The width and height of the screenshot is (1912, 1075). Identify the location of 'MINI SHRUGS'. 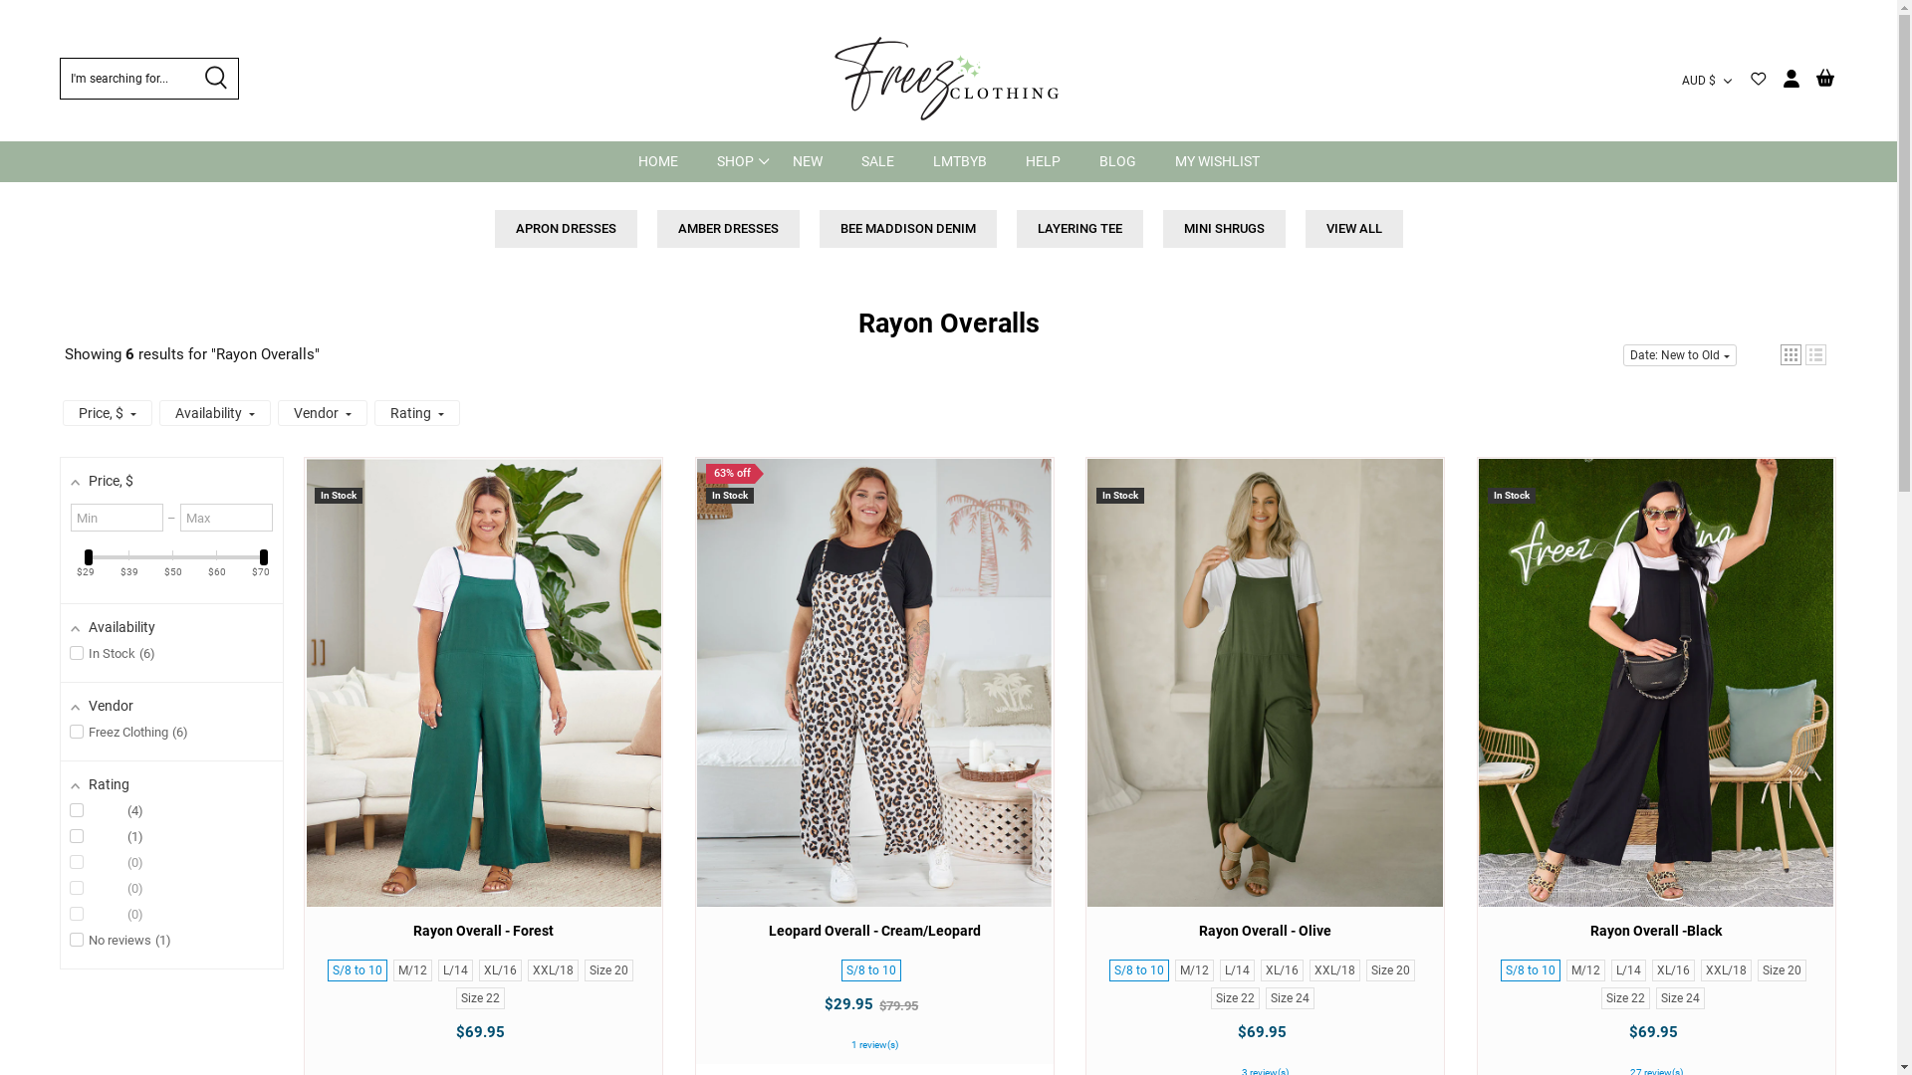
(1223, 228).